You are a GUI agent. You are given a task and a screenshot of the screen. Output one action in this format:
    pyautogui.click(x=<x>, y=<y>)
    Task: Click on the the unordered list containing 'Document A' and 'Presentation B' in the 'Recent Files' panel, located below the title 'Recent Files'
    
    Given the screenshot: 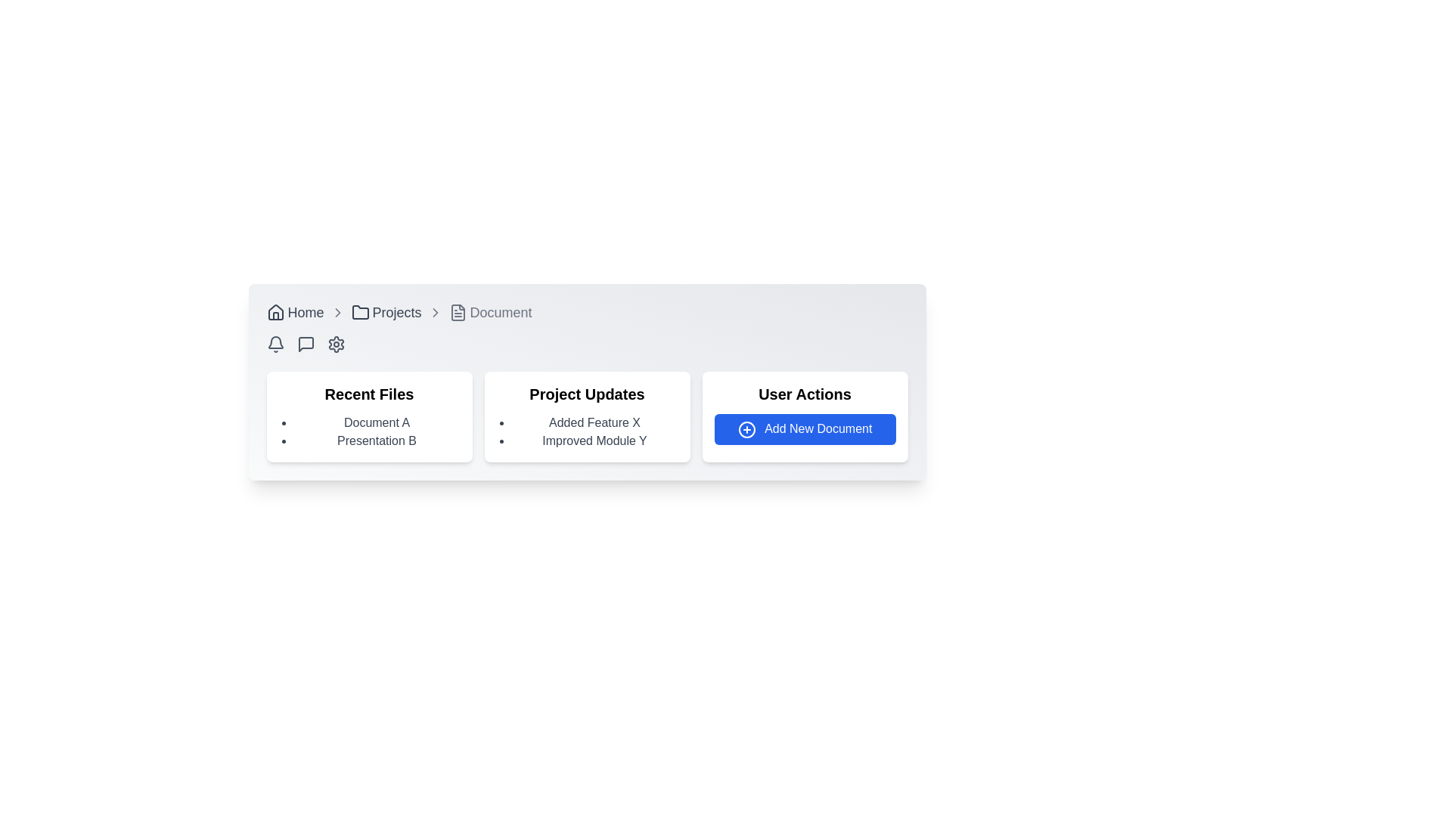 What is the action you would take?
    pyautogui.click(x=369, y=431)
    